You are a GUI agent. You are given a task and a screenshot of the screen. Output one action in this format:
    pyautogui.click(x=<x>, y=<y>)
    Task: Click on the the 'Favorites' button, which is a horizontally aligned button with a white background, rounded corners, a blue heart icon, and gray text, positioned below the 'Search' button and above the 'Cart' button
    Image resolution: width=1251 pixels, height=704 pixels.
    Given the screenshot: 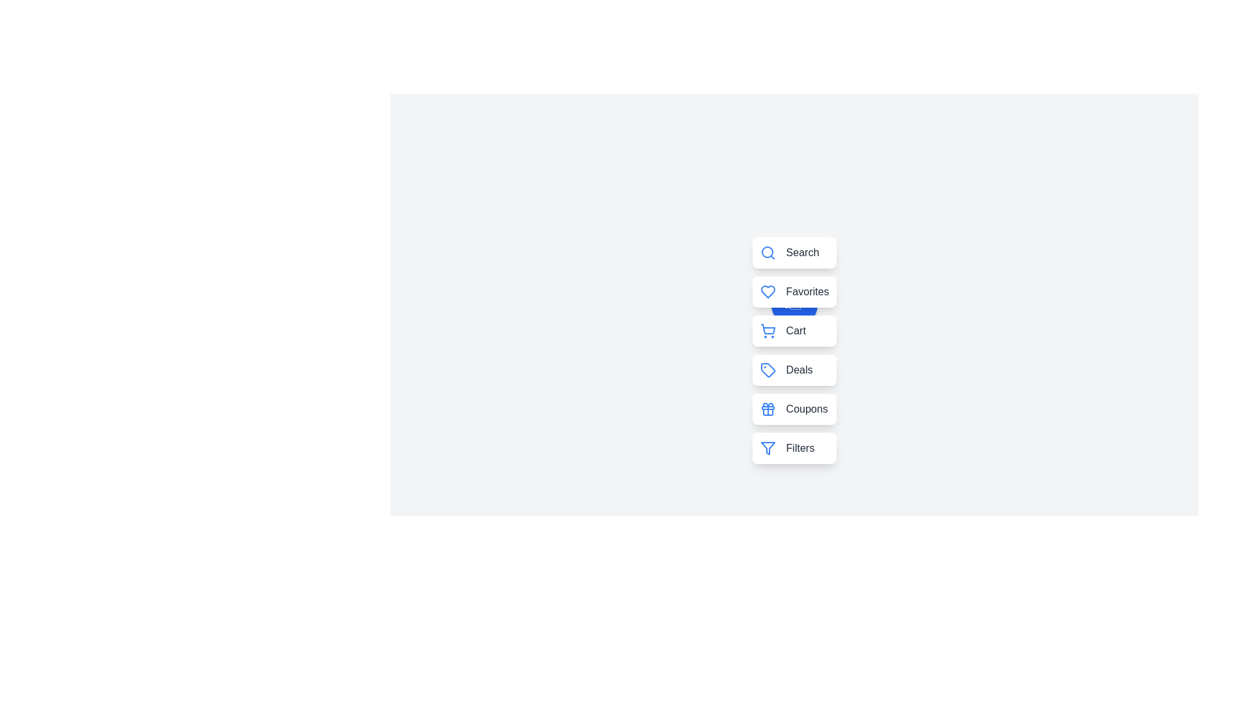 What is the action you would take?
    pyautogui.click(x=794, y=291)
    